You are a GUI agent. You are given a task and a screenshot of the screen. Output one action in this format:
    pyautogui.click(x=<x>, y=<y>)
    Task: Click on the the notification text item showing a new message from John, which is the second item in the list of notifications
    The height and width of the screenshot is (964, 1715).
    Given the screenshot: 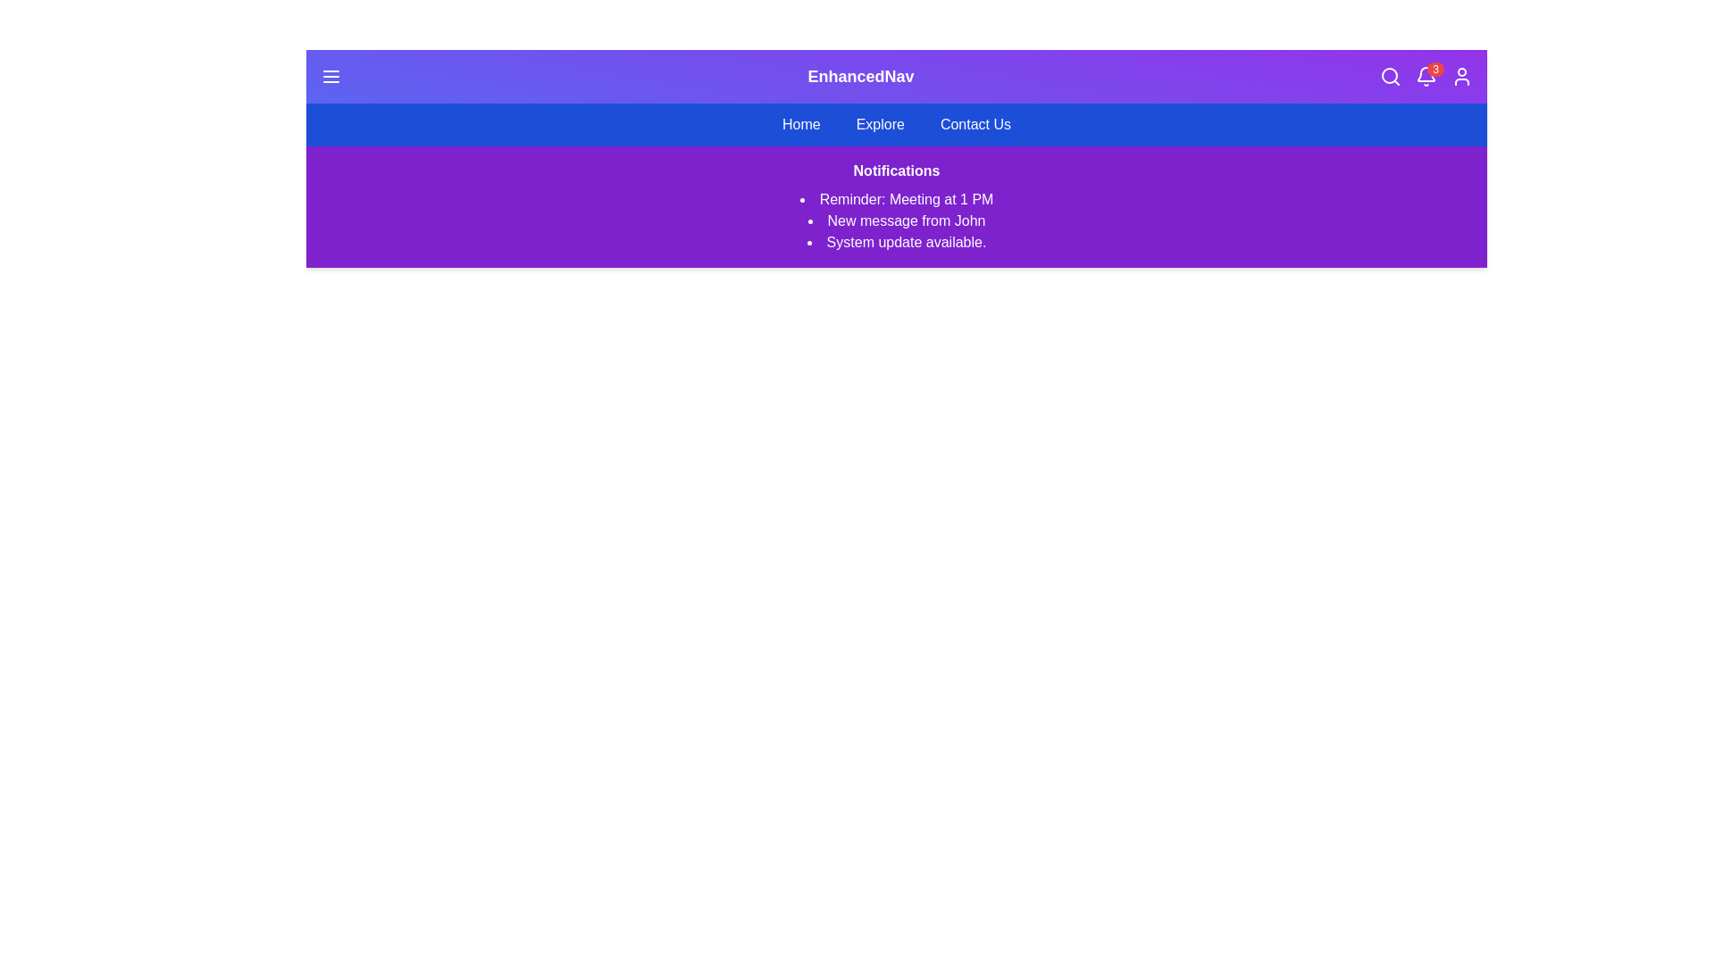 What is the action you would take?
    pyautogui.click(x=896, y=220)
    